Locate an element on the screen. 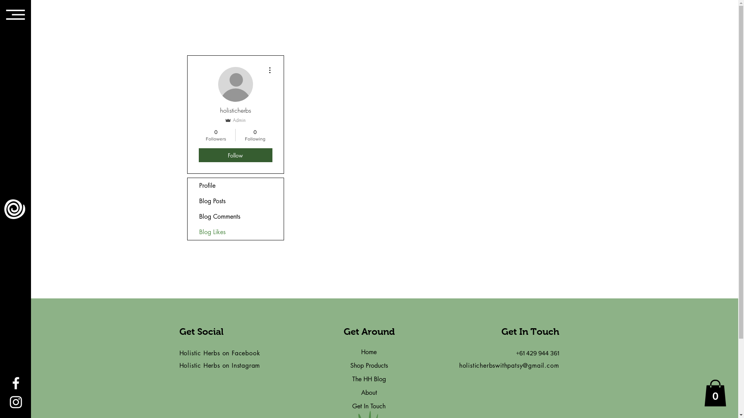  'Profile' is located at coordinates (235, 185).